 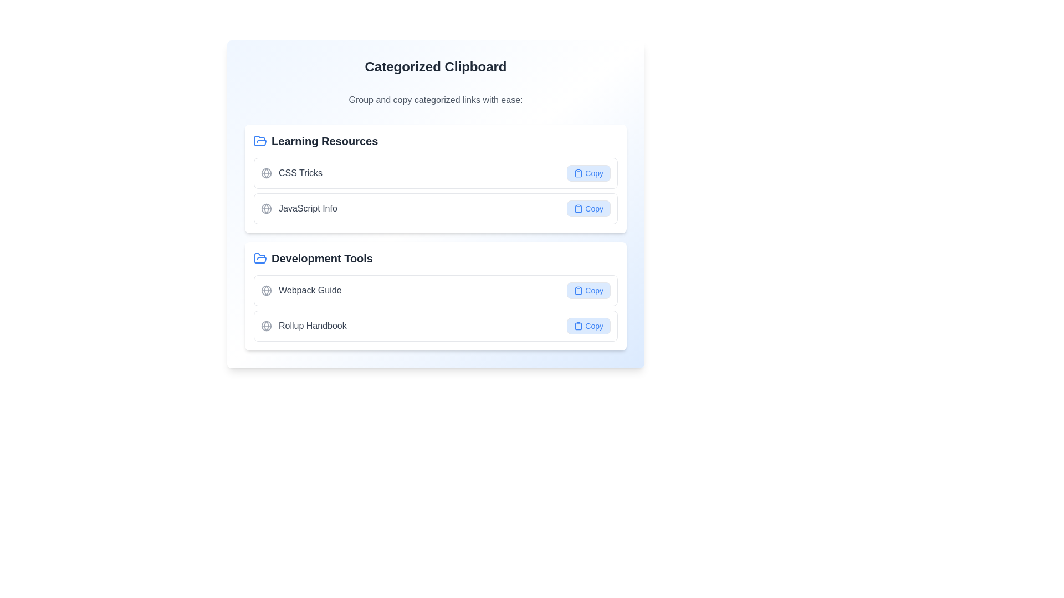 I want to click on the 'JavaScript Info' link in the 'Learning Resources' category, so click(x=435, y=209).